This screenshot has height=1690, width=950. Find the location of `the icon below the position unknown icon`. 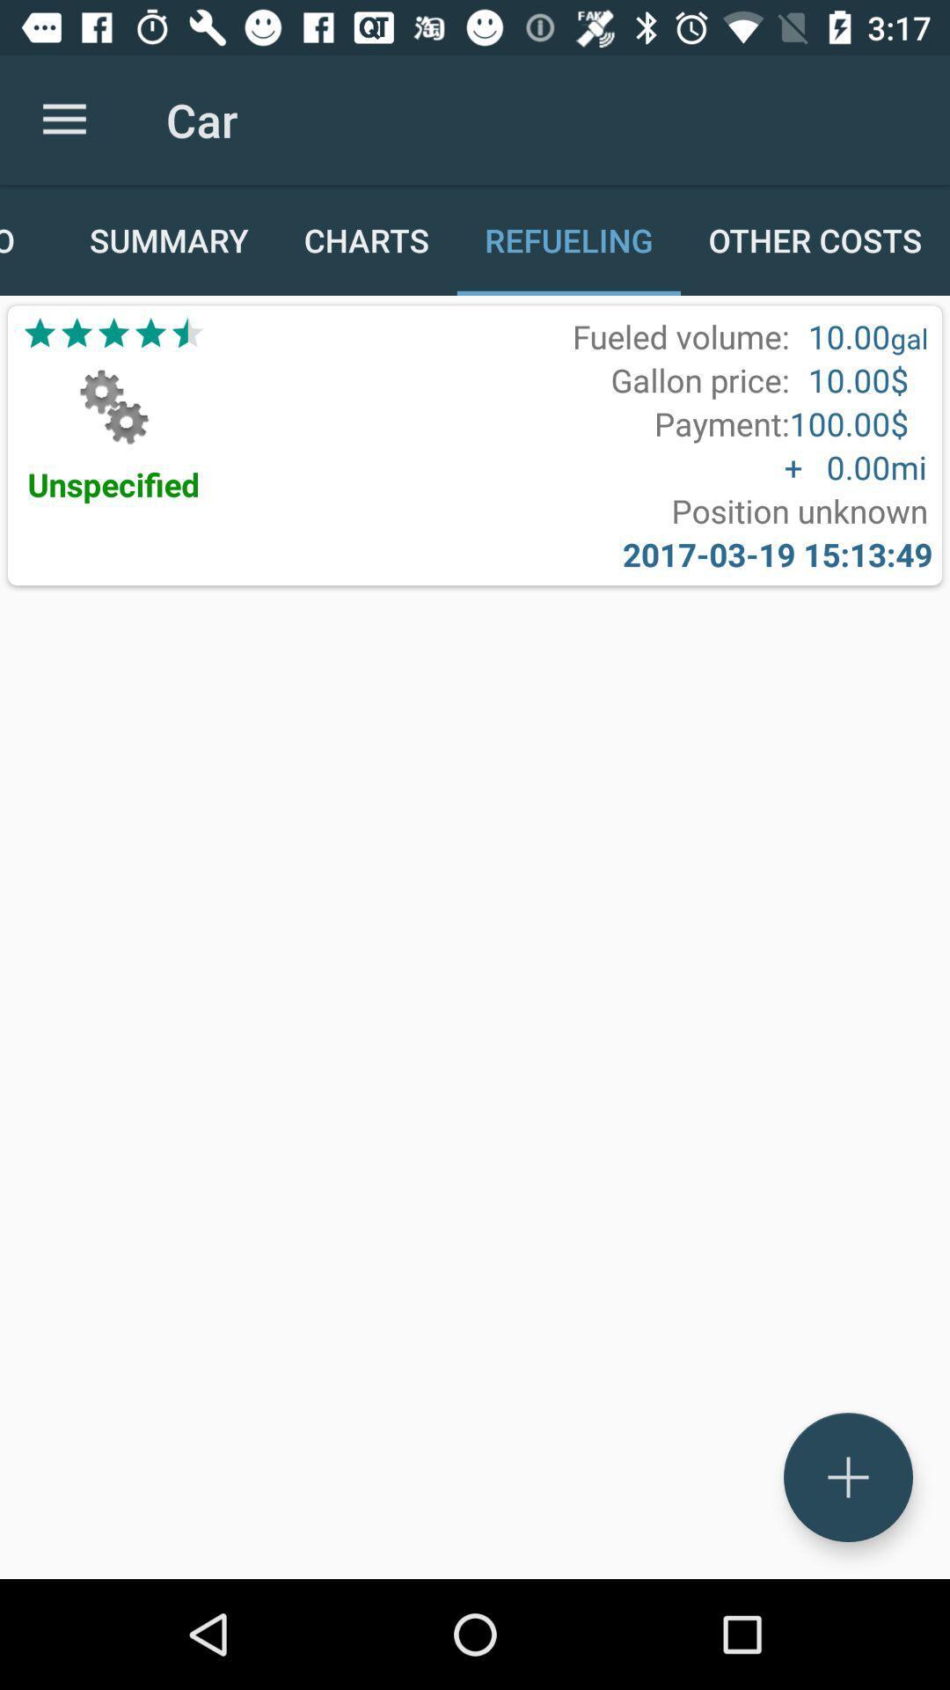

the icon below the position unknown icon is located at coordinates (777, 553).